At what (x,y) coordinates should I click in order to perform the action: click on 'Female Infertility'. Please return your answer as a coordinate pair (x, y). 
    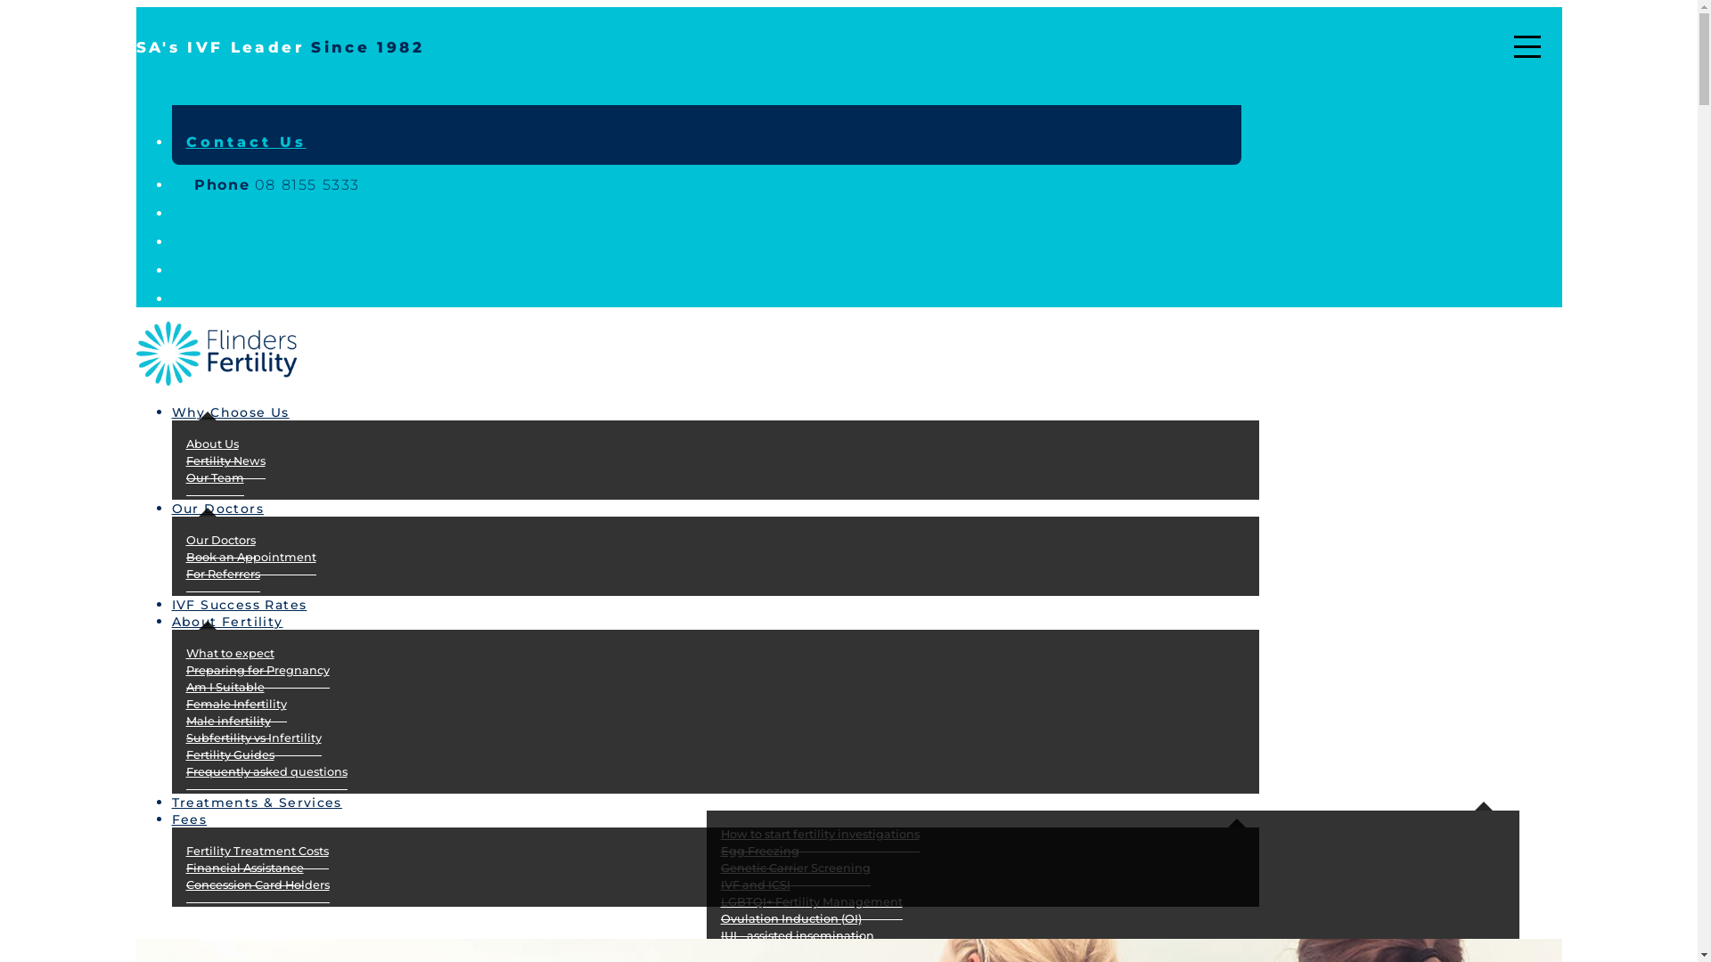
    Looking at the image, I should click on (234, 703).